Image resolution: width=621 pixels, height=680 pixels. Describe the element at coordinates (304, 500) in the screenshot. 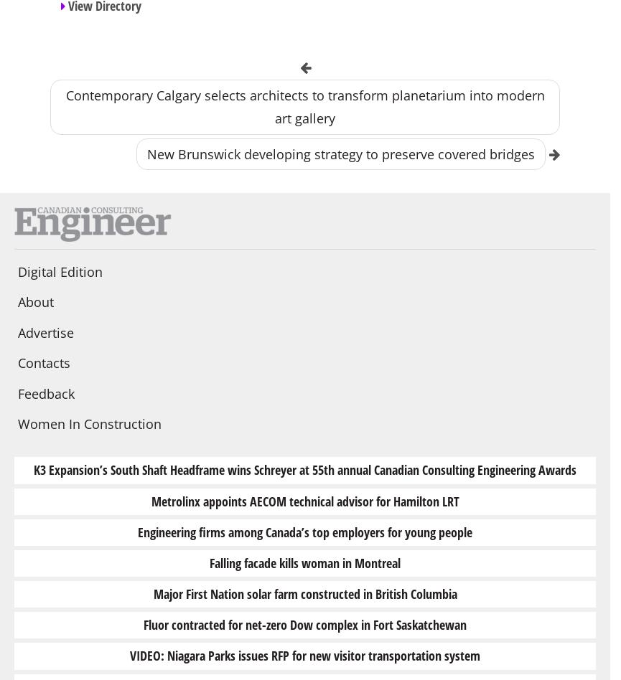

I see `'Metrolinx appoints AECOM technical advisor for Hamilton LRT'` at that location.